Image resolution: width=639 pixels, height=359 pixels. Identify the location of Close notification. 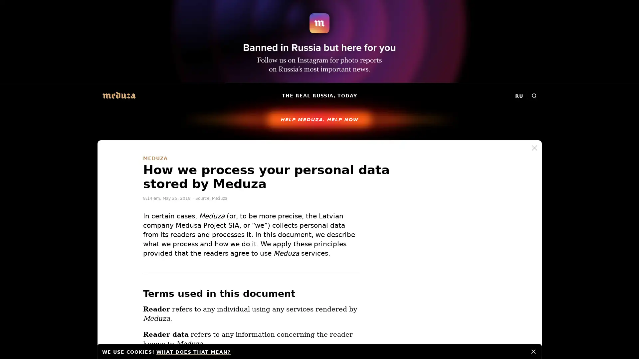
(533, 351).